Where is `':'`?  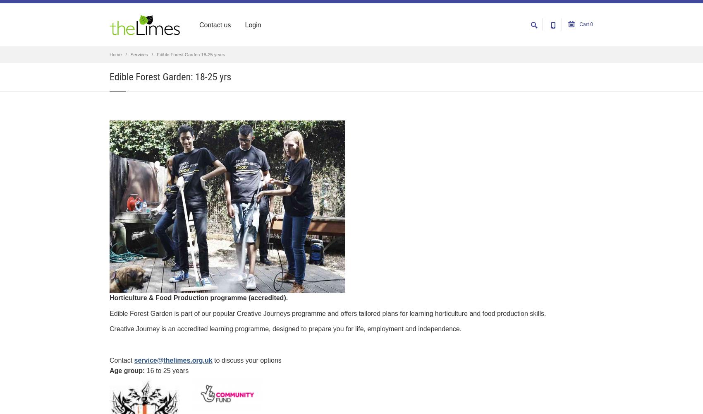
':' is located at coordinates (143, 371).